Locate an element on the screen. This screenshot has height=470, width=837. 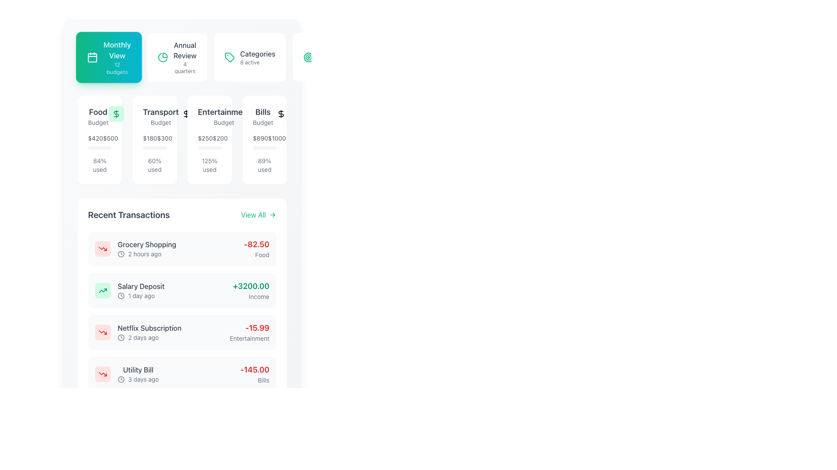
the informational Text label indicating the count associated with 'Monthly View', located at the bottom of the 'Monthly View' card is located at coordinates (116, 68).